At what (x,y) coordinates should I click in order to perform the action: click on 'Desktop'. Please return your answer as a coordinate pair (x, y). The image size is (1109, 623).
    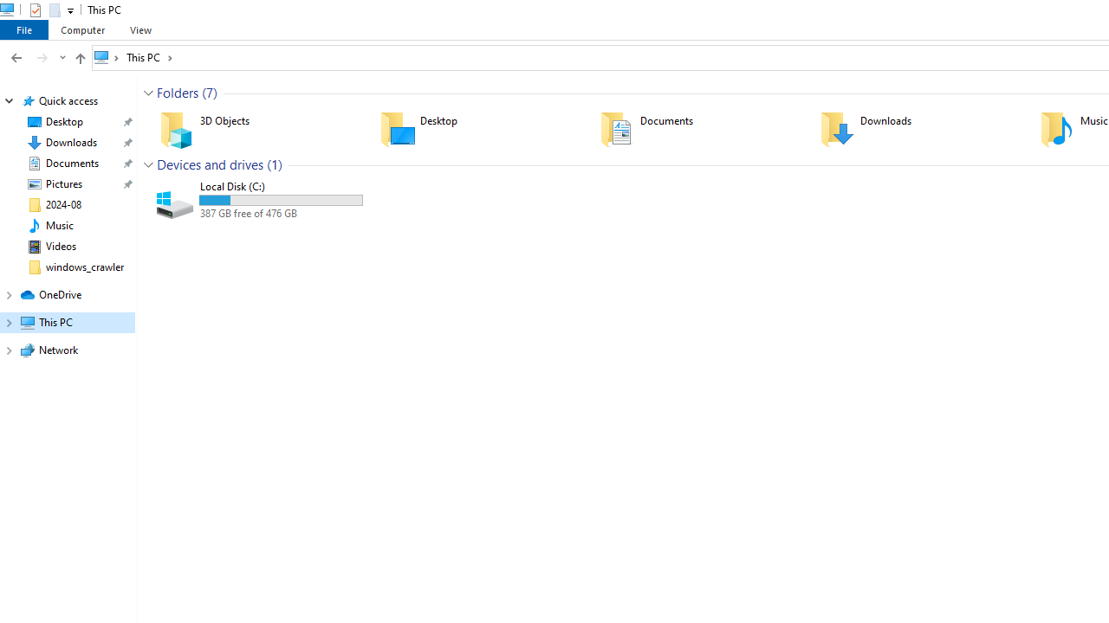
    Looking at the image, I should click on (478, 128).